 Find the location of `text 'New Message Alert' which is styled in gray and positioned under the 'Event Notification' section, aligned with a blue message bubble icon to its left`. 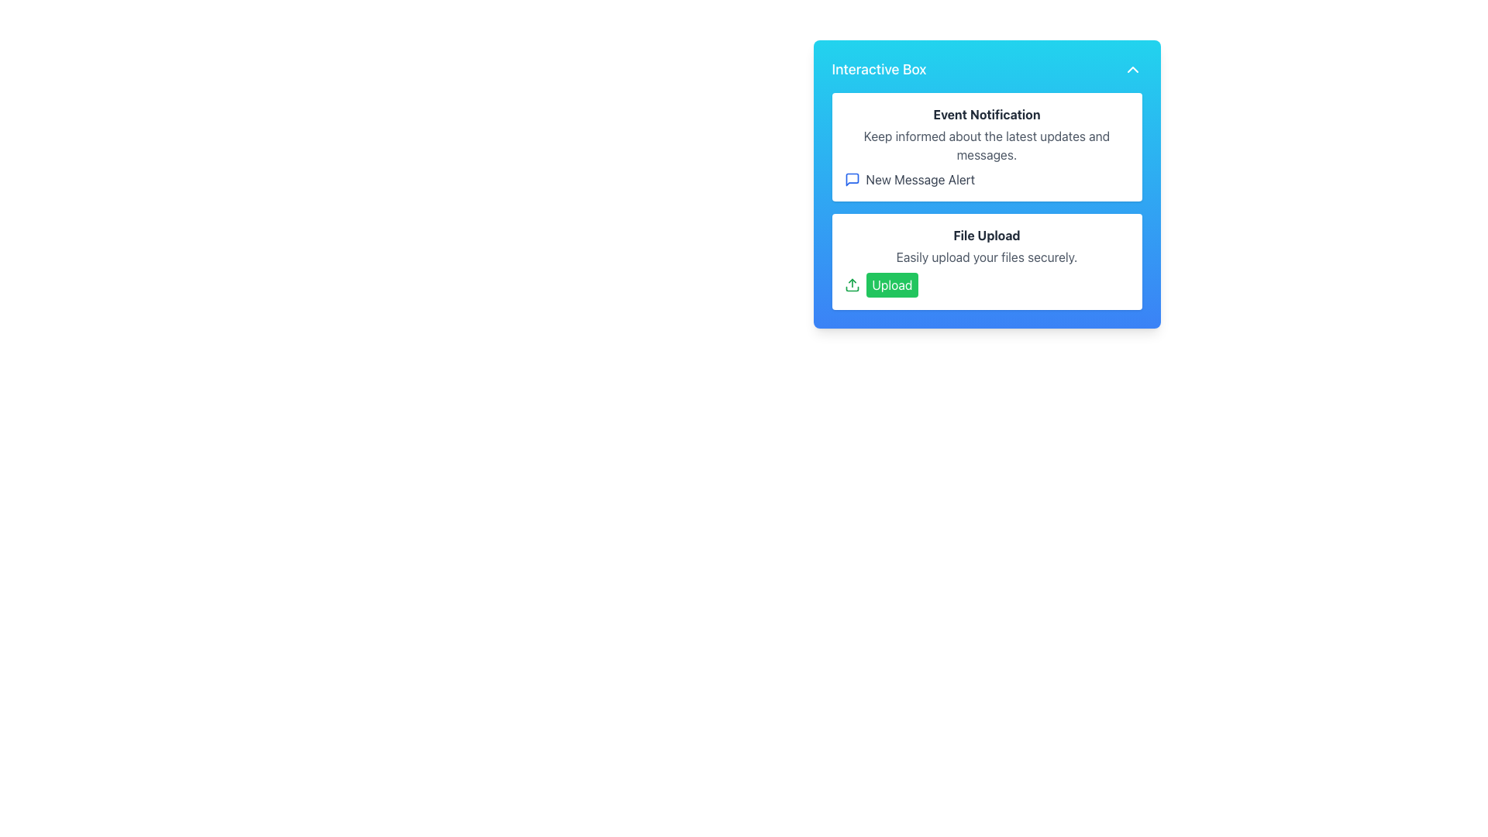

text 'New Message Alert' which is styled in gray and positioned under the 'Event Notification' section, aligned with a blue message bubble icon to its left is located at coordinates (920, 178).